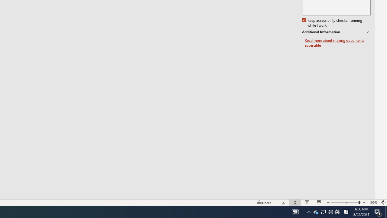 This screenshot has height=218, width=387. What do you see at coordinates (336, 32) in the screenshot?
I see `'Additional Information'` at bounding box center [336, 32].